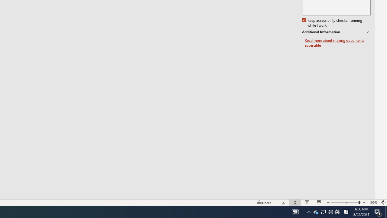 This screenshot has height=218, width=387. What do you see at coordinates (336, 32) in the screenshot?
I see `'Additional Information'` at bounding box center [336, 32].